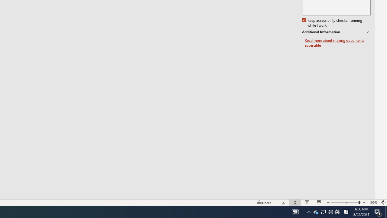 This screenshot has height=218, width=387. What do you see at coordinates (336, 32) in the screenshot?
I see `'Additional Information'` at bounding box center [336, 32].